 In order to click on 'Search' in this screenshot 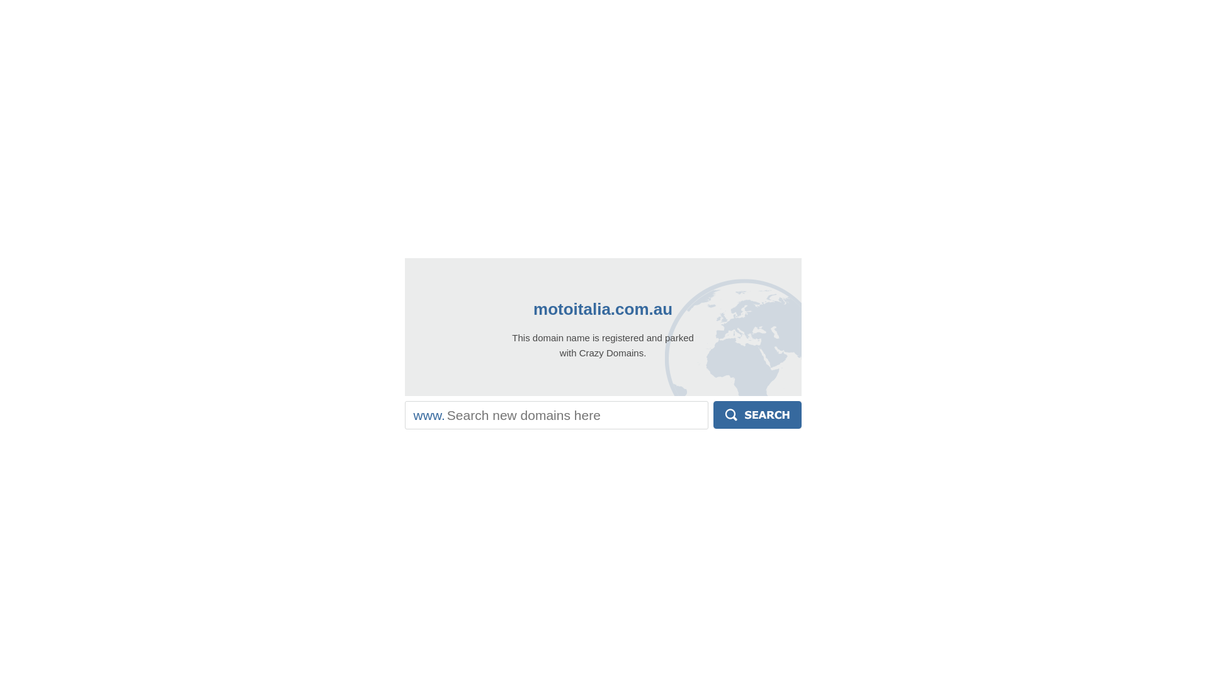, I will do `click(757, 415)`.